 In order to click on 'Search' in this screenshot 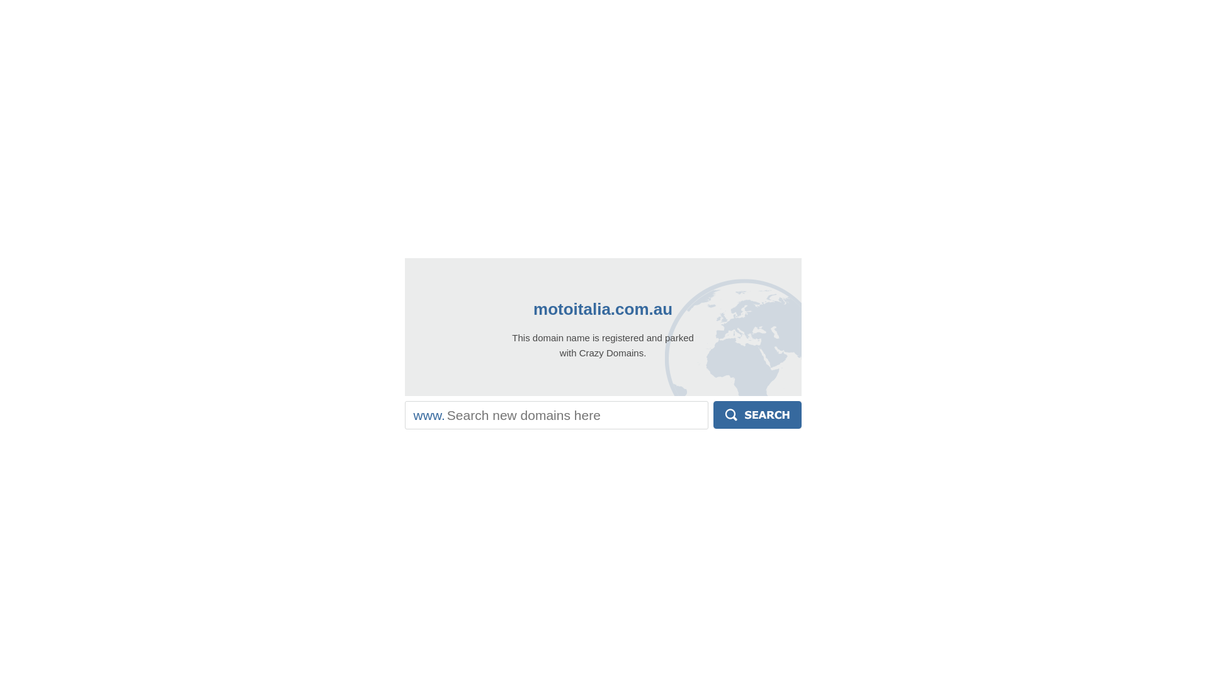, I will do `click(757, 415)`.